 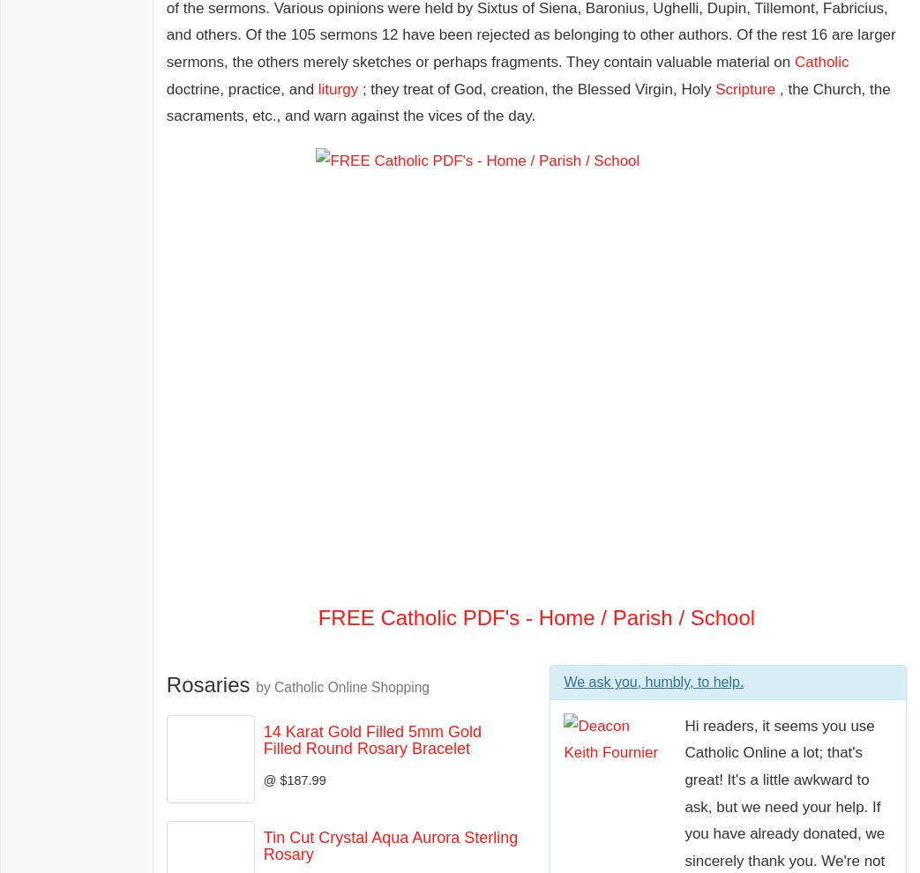 I want to click on 'Rosaries', so click(x=210, y=684).